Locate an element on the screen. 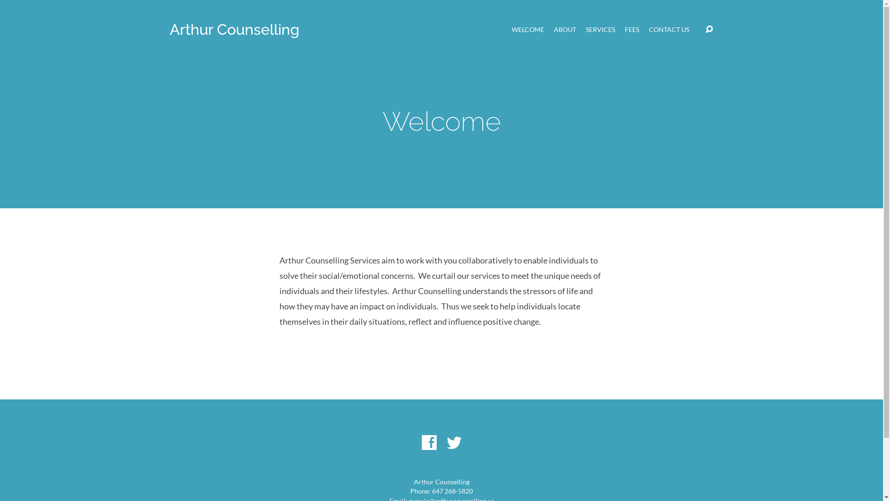 This screenshot has height=501, width=890. 'ABOUT' is located at coordinates (565, 29).